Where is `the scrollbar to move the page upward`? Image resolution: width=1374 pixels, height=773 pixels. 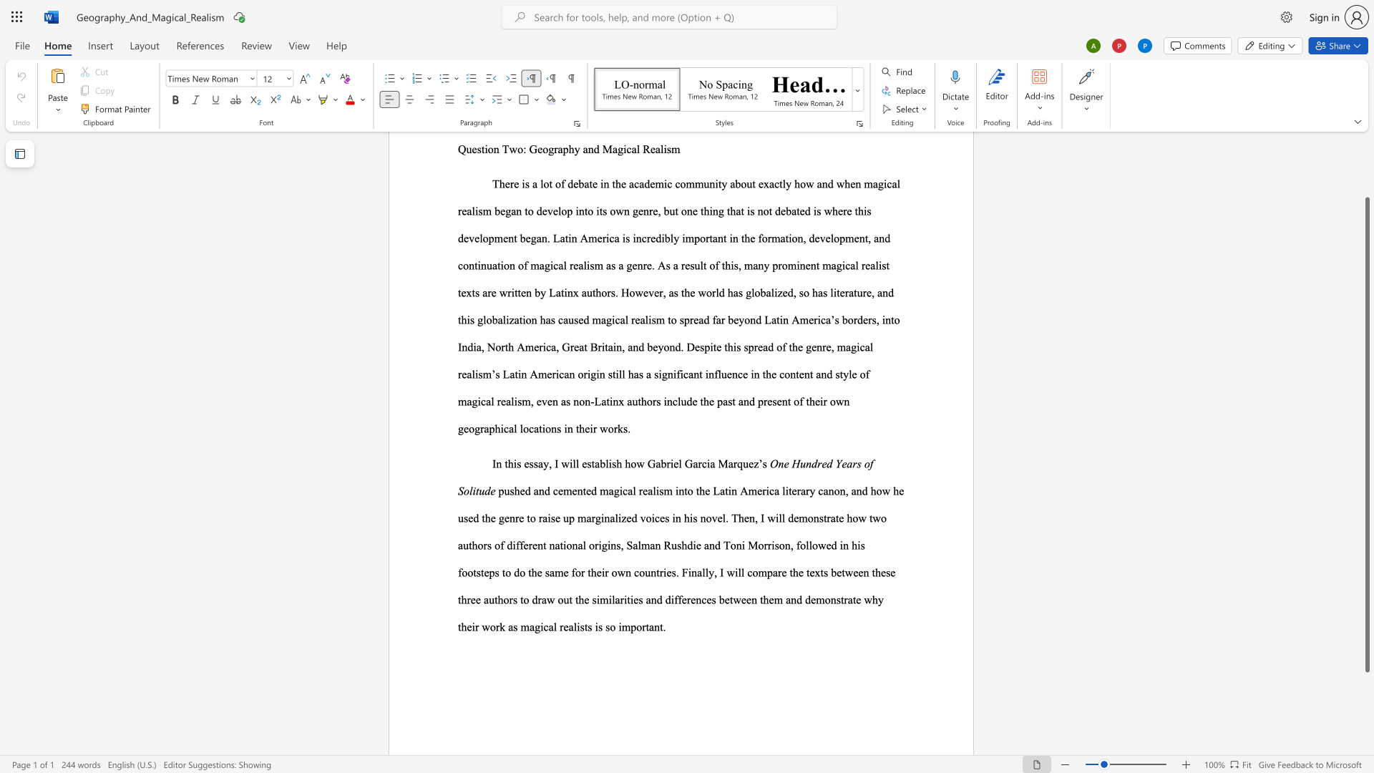 the scrollbar to move the page upward is located at coordinates (1366, 157).